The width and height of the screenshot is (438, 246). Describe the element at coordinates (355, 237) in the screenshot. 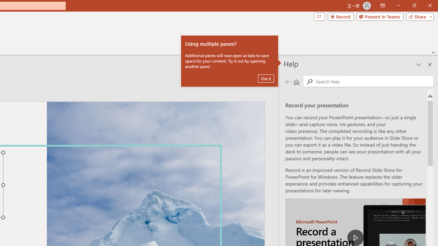

I see `'play Record a Presentation'` at that location.